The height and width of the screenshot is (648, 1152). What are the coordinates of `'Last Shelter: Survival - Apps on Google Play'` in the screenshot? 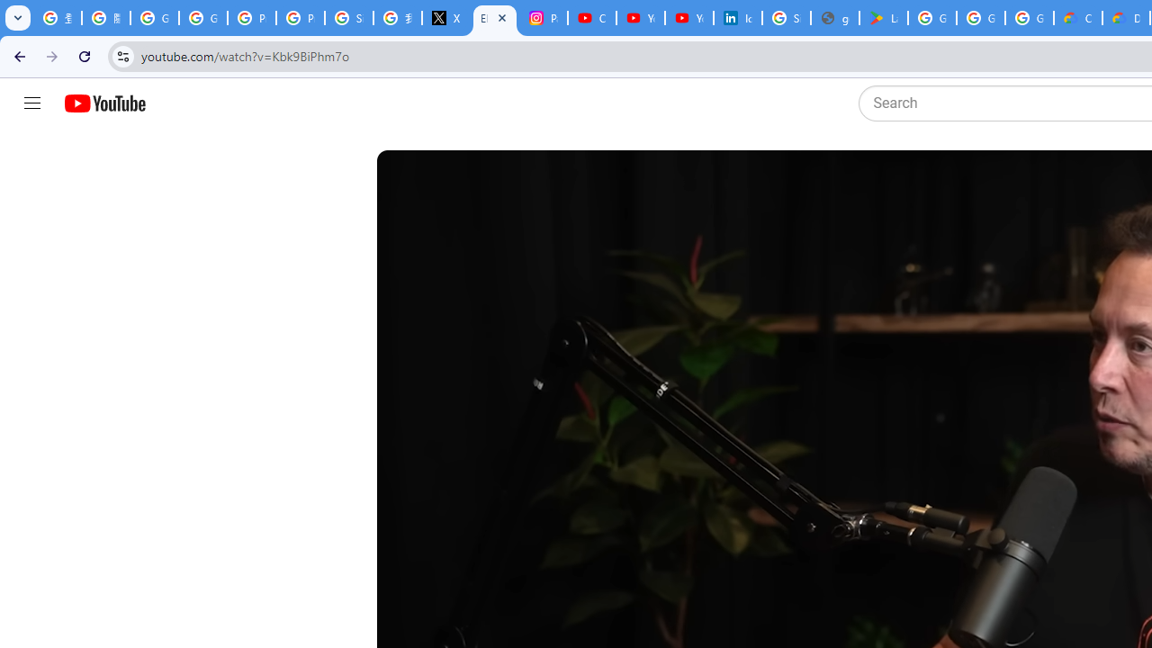 It's located at (883, 18).